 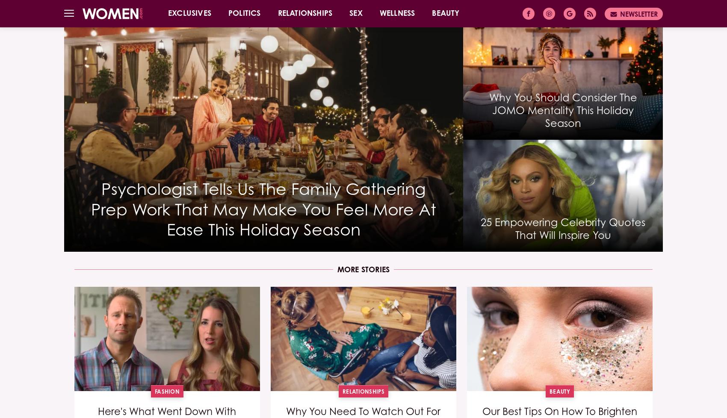 I want to click on 'SEX', so click(x=355, y=13).